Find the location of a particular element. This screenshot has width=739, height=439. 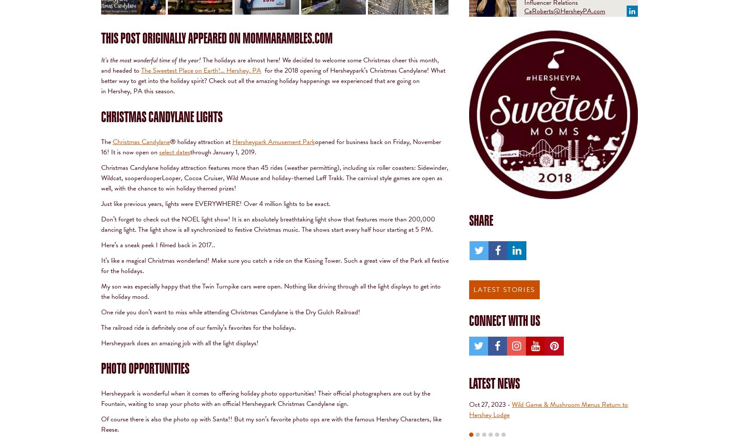

'Photo Opportunities' is located at coordinates (145, 367).